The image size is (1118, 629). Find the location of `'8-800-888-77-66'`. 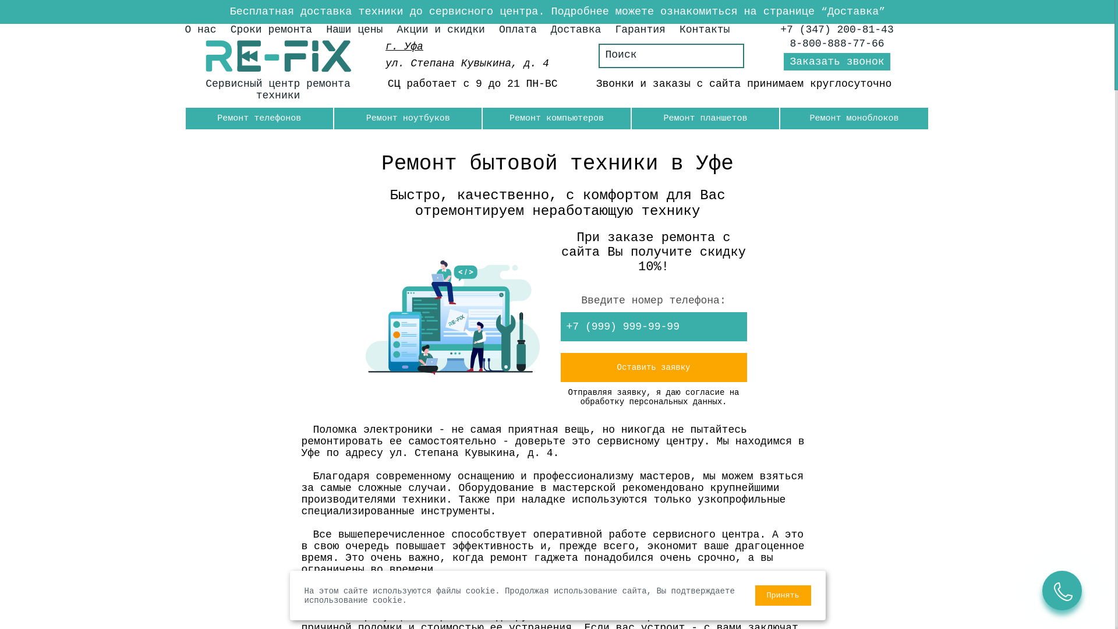

'8-800-888-77-66' is located at coordinates (837, 43).